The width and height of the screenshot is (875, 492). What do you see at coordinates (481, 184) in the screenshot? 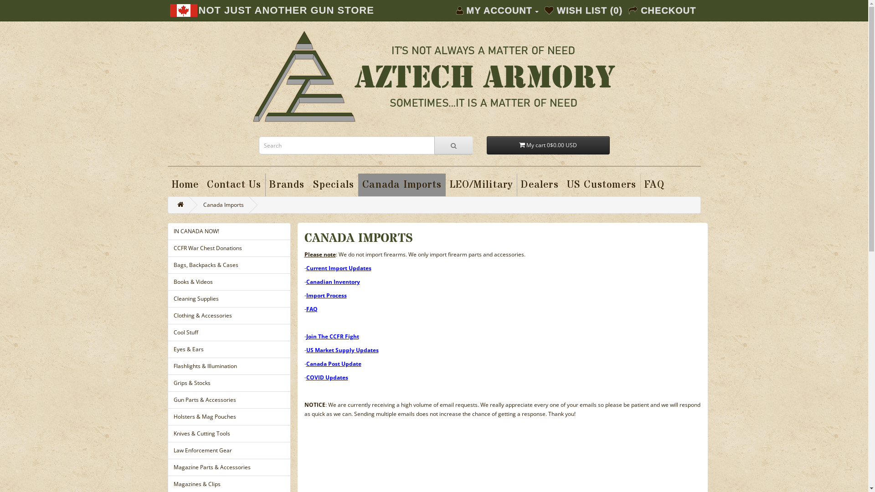
I see `'LEO/Military'` at bounding box center [481, 184].